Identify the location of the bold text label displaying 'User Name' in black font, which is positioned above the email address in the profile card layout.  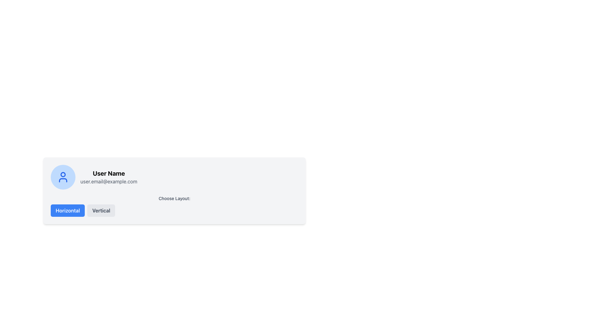
(109, 173).